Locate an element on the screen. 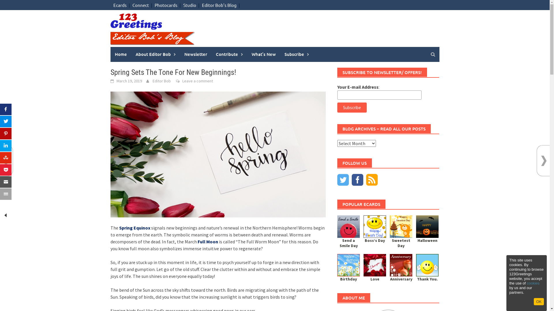  'Contribute' is located at coordinates (229, 54).